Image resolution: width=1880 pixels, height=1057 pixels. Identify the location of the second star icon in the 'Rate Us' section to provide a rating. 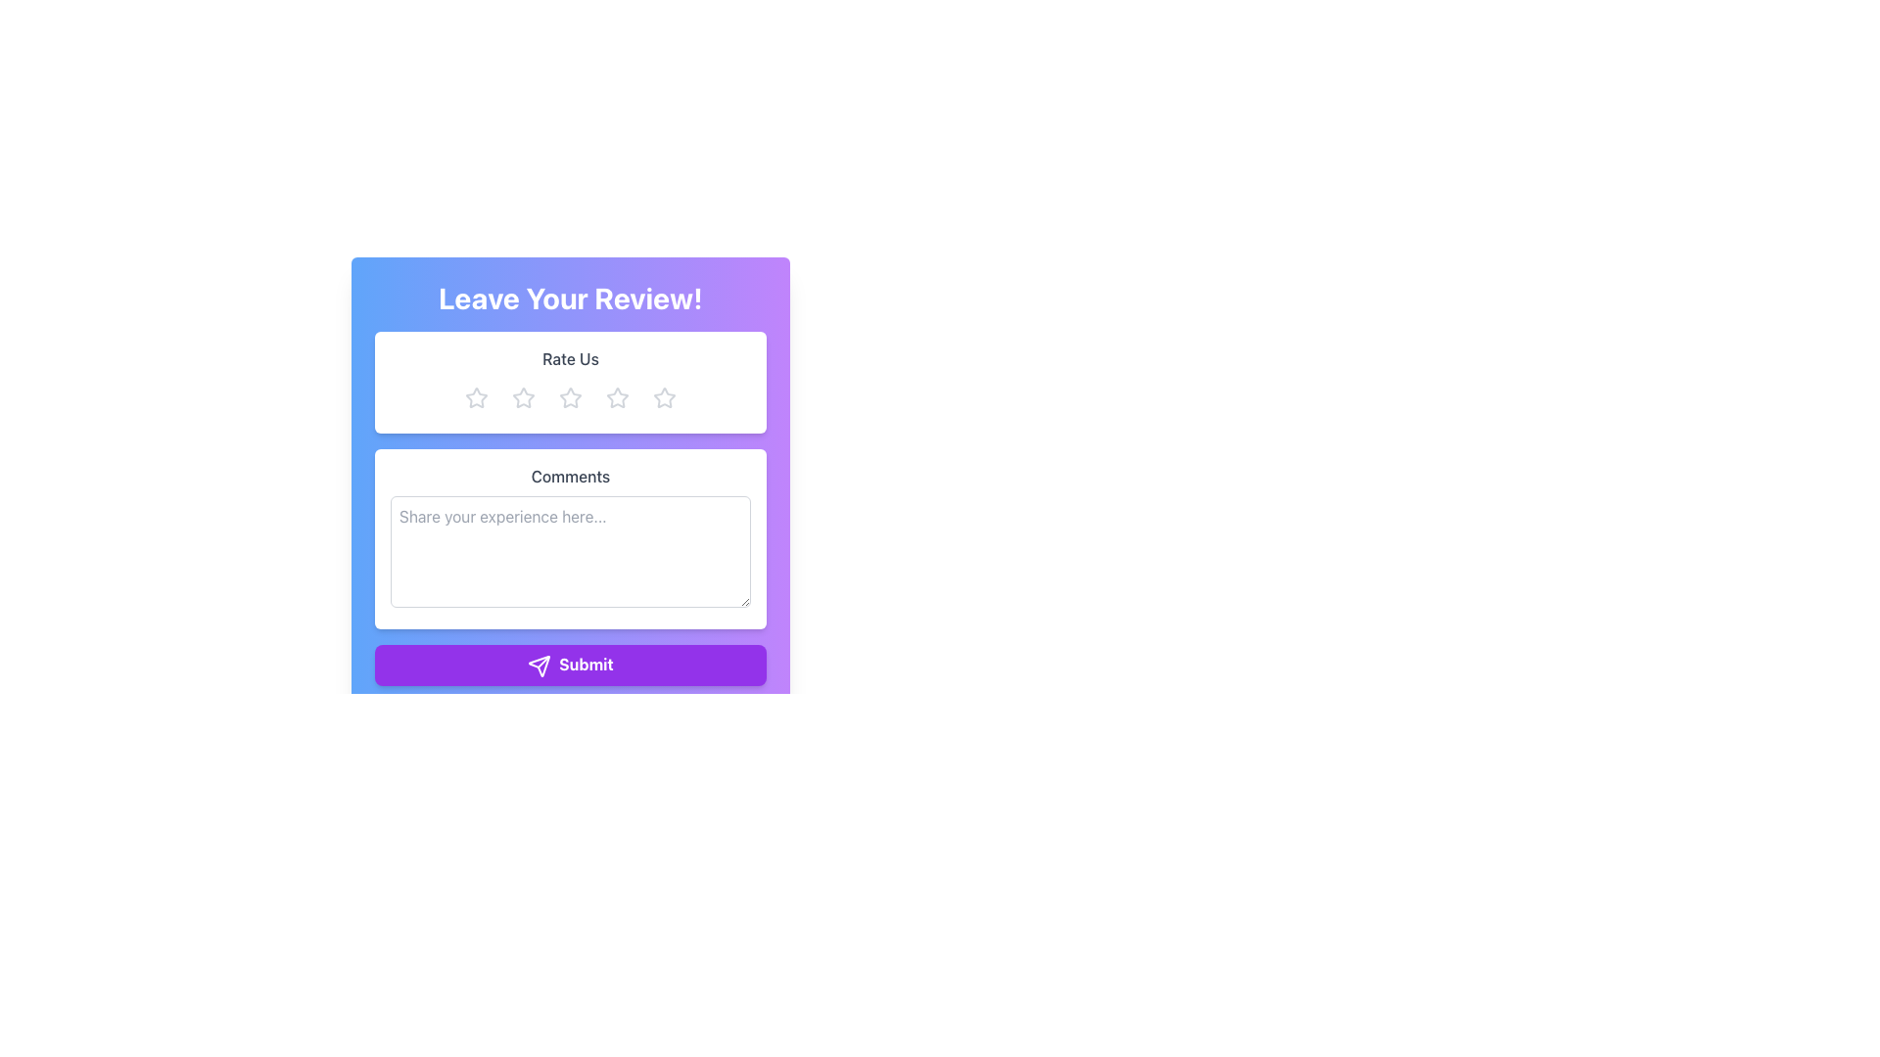
(569, 396).